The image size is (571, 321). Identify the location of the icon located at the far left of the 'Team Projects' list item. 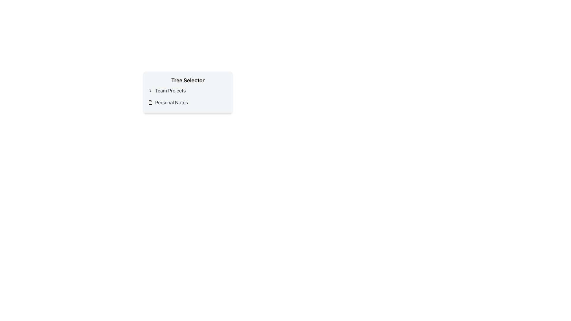
(150, 90).